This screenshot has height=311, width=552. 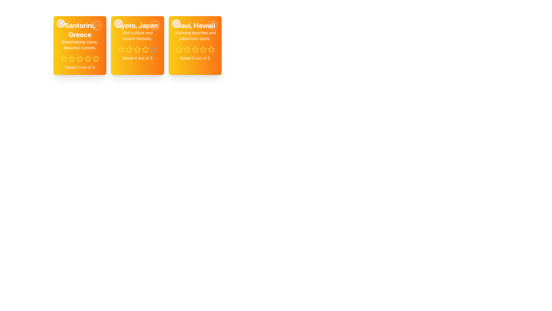 I want to click on larger enclosing circle of the Information icon within the SVG graphic on the third card labeled 'Maui, Hawaii', so click(x=176, y=23).